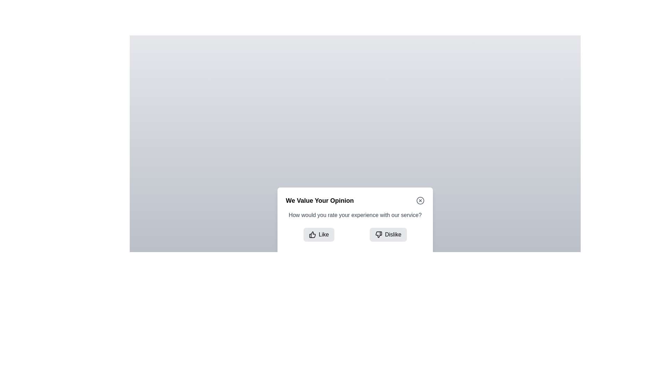  What do you see at coordinates (318, 234) in the screenshot?
I see `the 'Like' button to select the 'Like' option` at bounding box center [318, 234].